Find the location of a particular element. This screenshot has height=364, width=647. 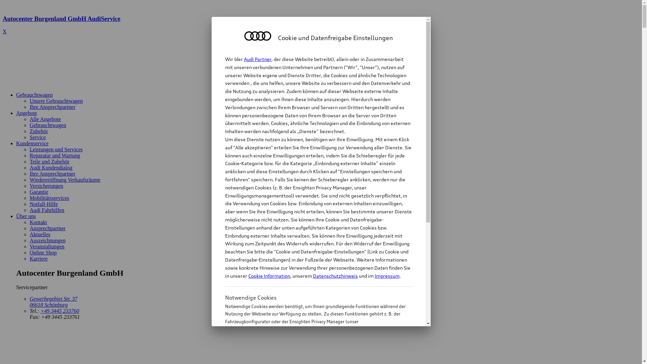

'Audi Partner' is located at coordinates (257, 59).